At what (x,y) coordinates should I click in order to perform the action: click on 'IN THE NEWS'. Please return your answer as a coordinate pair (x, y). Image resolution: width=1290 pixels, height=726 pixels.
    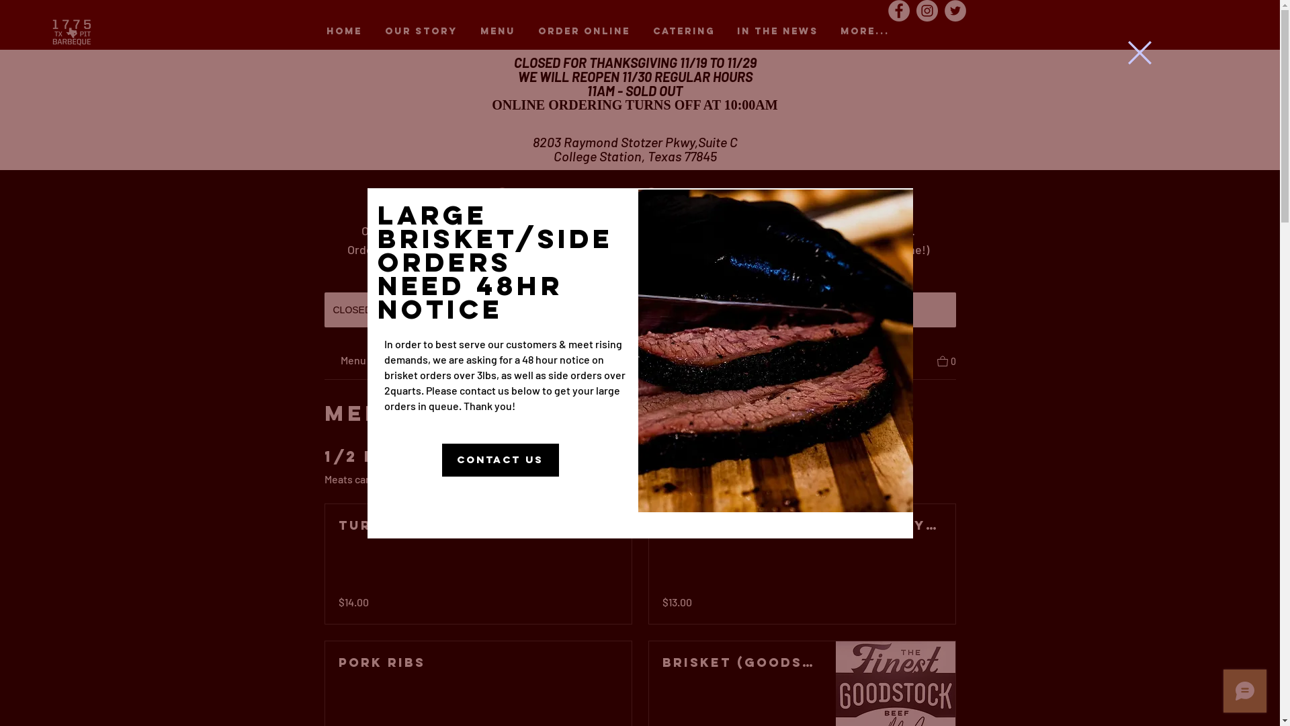
    Looking at the image, I should click on (777, 30).